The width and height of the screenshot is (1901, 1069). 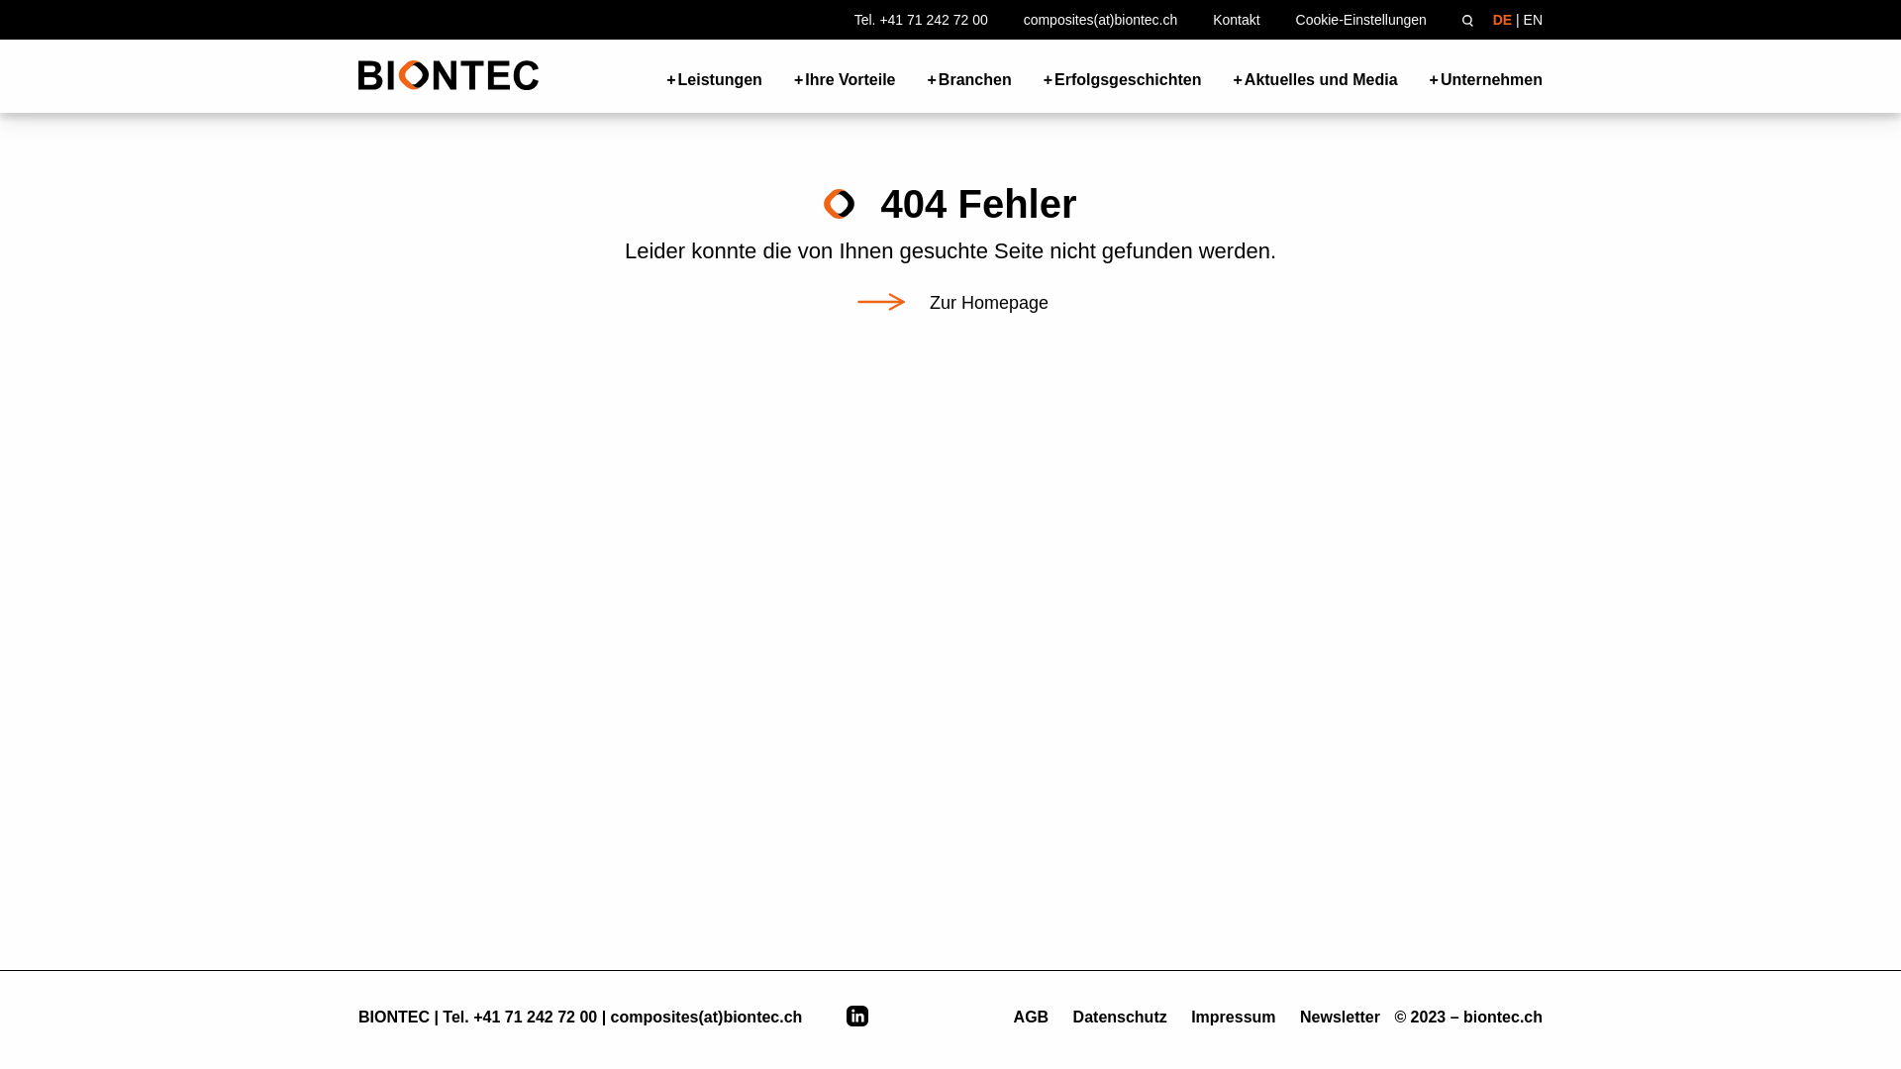 What do you see at coordinates (1235, 1017) in the screenshot?
I see `'Impressum'` at bounding box center [1235, 1017].